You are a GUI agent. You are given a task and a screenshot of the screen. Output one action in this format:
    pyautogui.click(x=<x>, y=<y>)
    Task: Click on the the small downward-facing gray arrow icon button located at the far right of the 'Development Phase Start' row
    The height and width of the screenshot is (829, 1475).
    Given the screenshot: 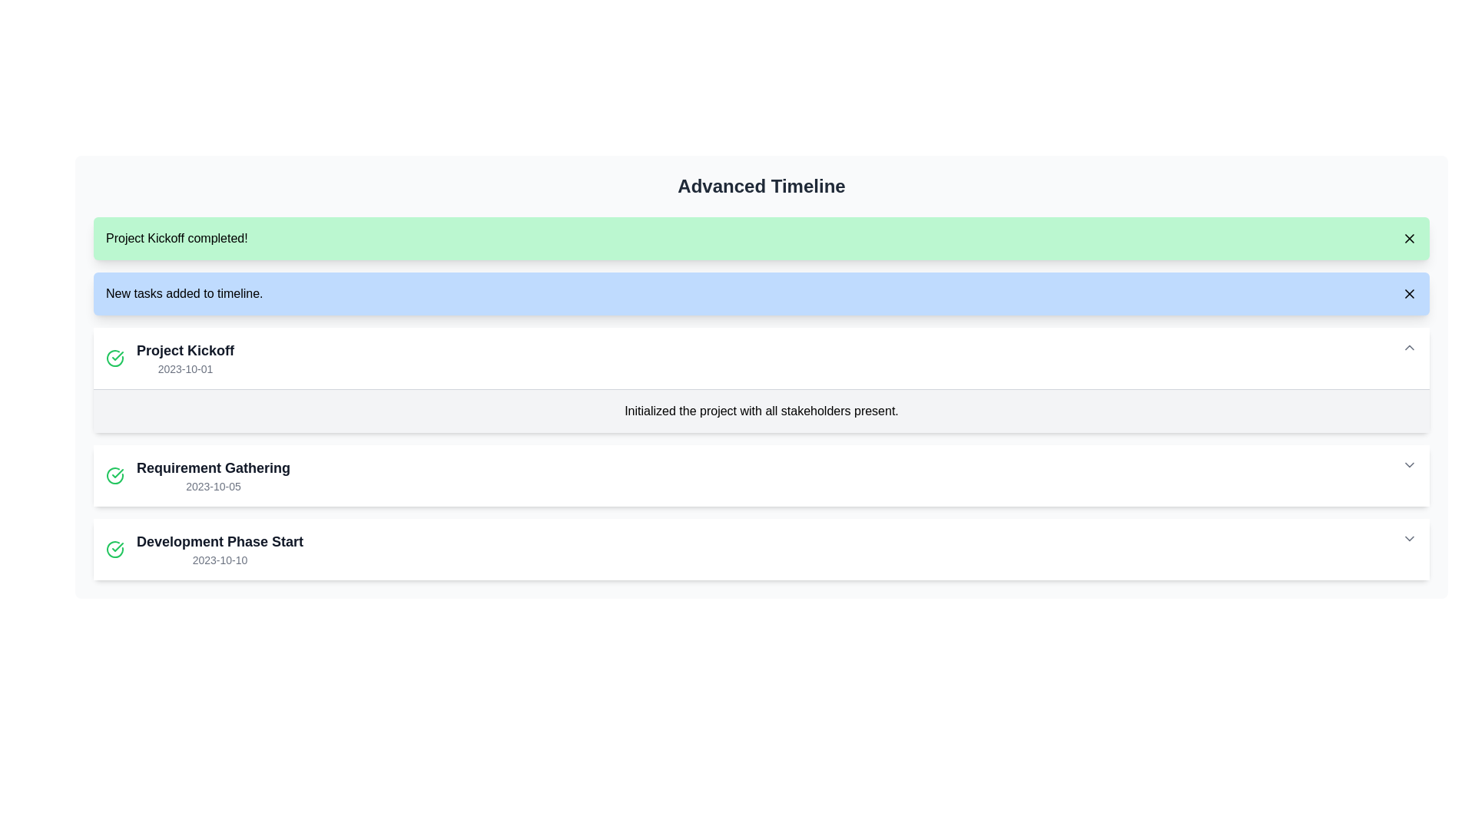 What is the action you would take?
    pyautogui.click(x=1409, y=538)
    